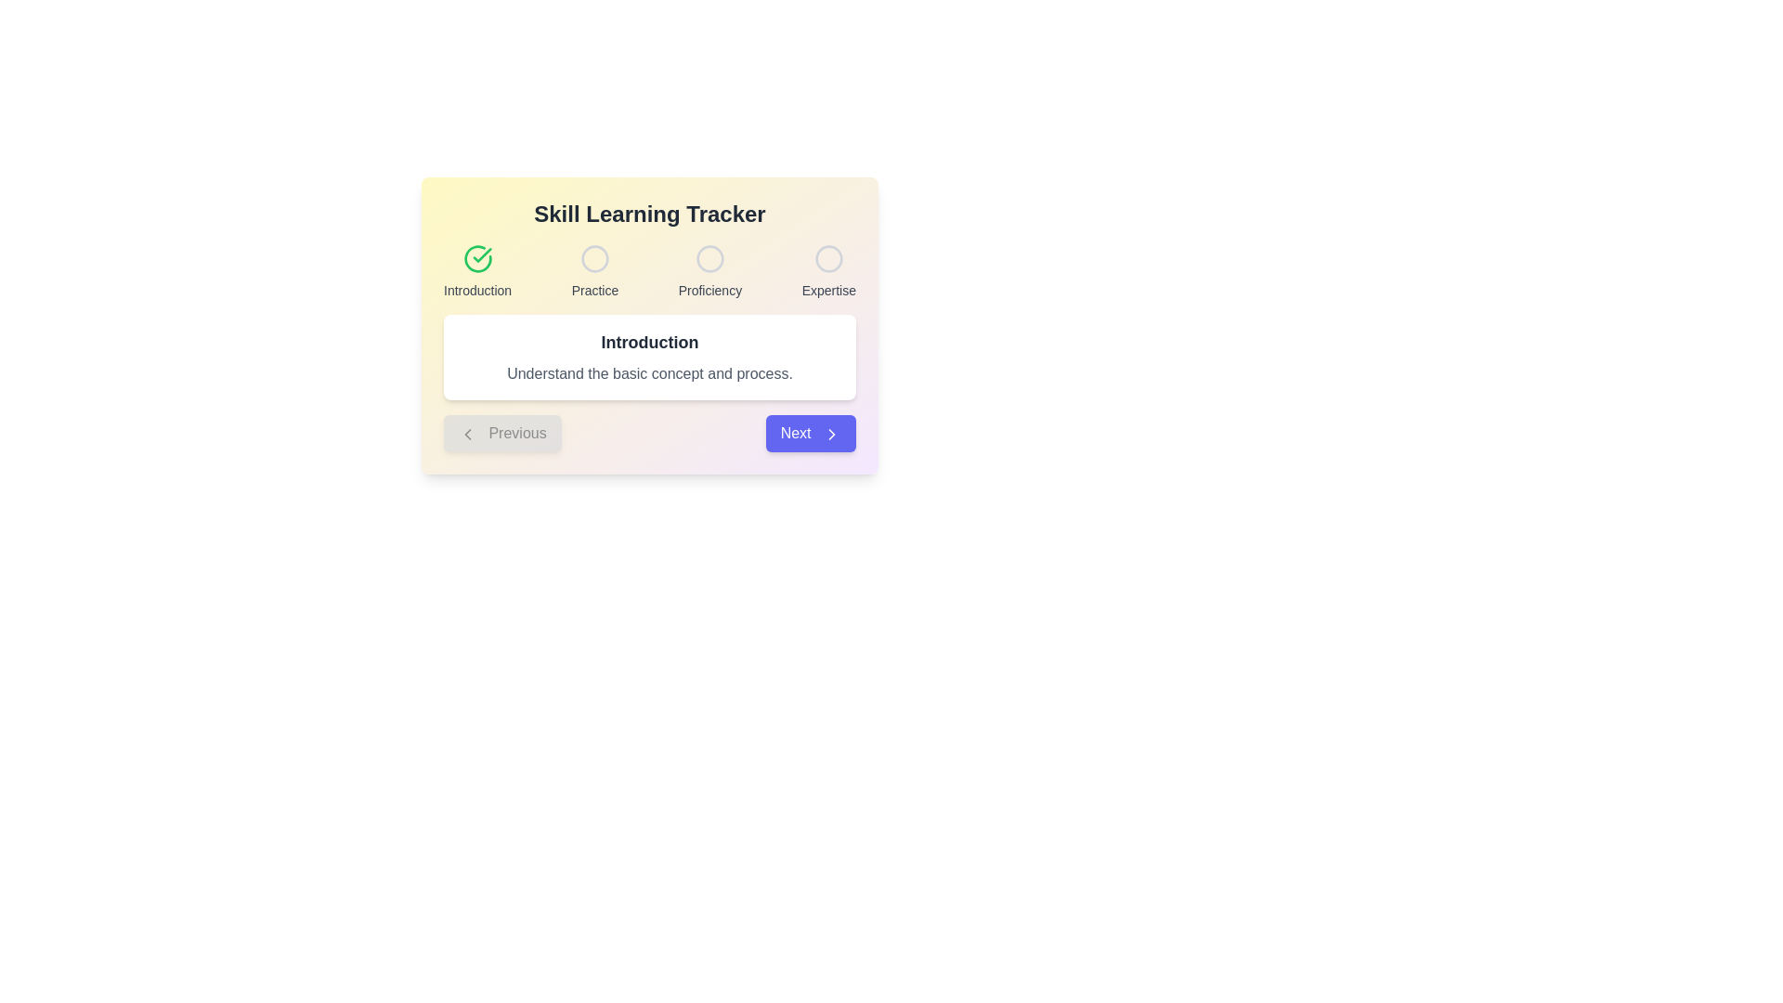  I want to click on the 'Introduction' progress step indicator, which is the leftmost element in a sequence of four steps indicating the completion of the introduction phase, so click(477, 272).